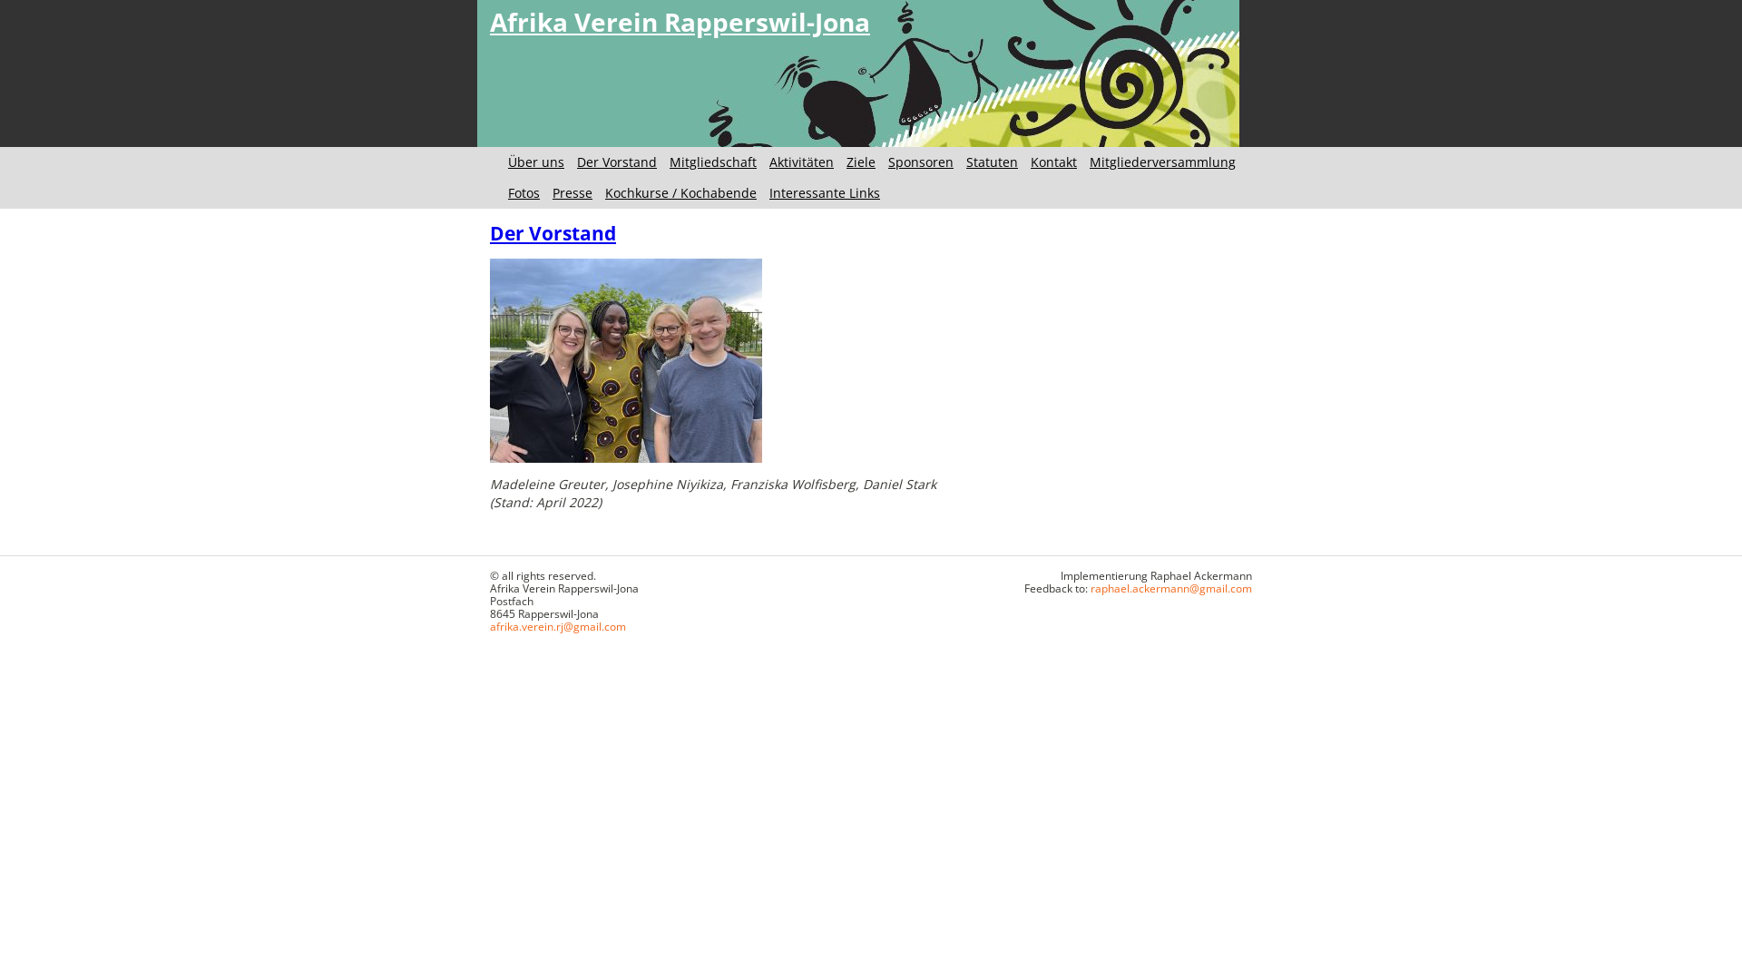  What do you see at coordinates (679, 21) in the screenshot?
I see `'Afrika Verein Rapperswil-Jona'` at bounding box center [679, 21].